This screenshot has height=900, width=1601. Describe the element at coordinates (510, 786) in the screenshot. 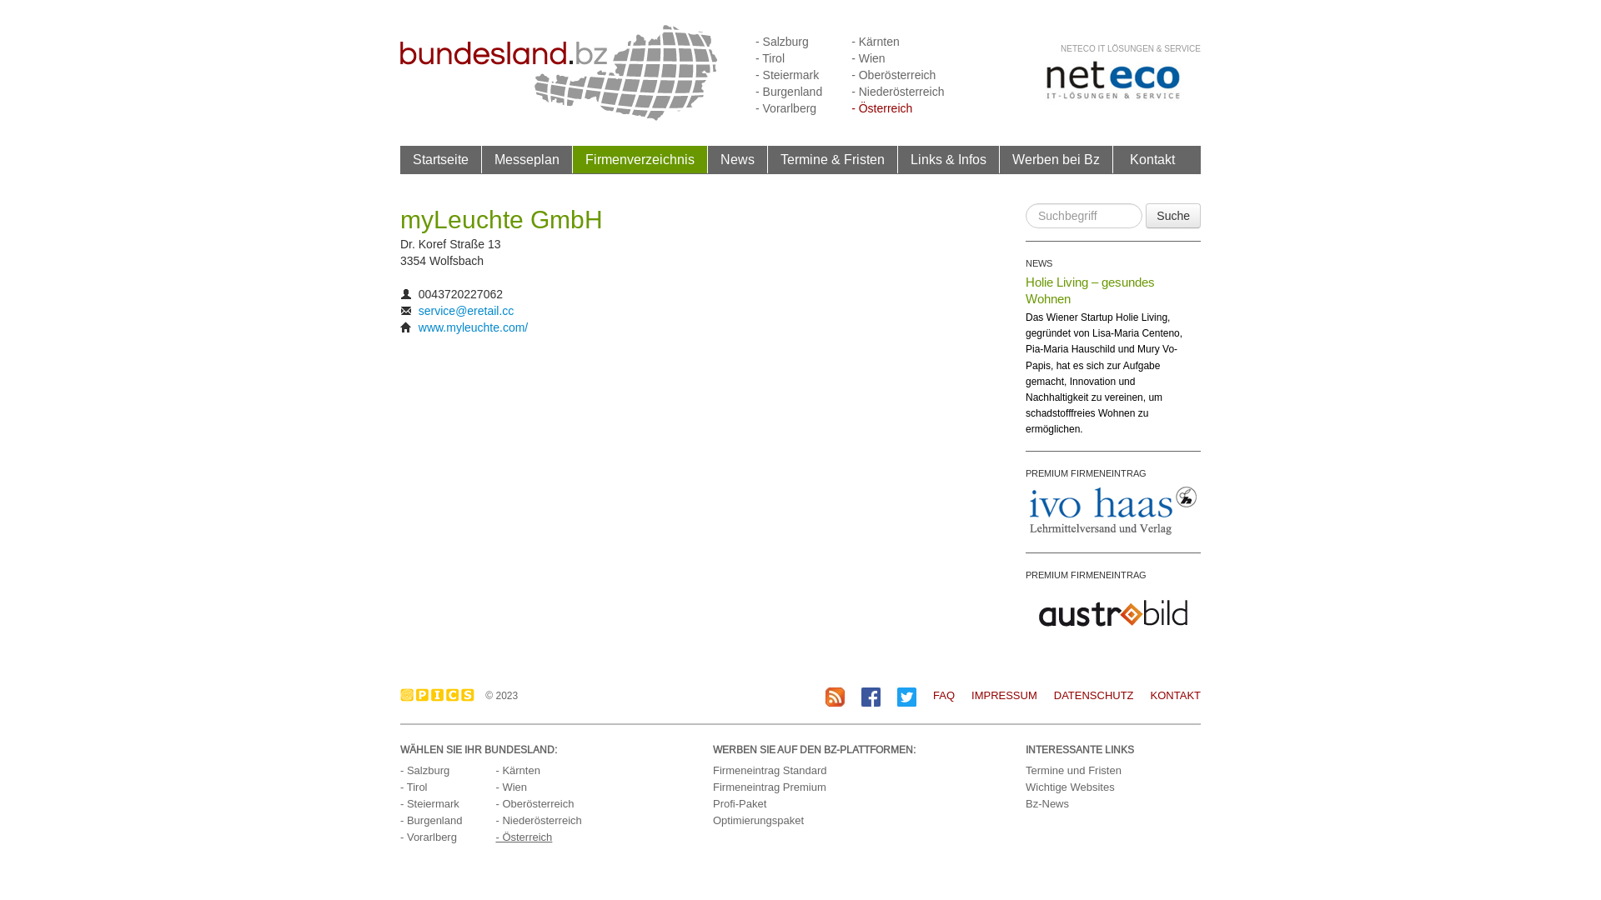

I see `'- Wien'` at that location.